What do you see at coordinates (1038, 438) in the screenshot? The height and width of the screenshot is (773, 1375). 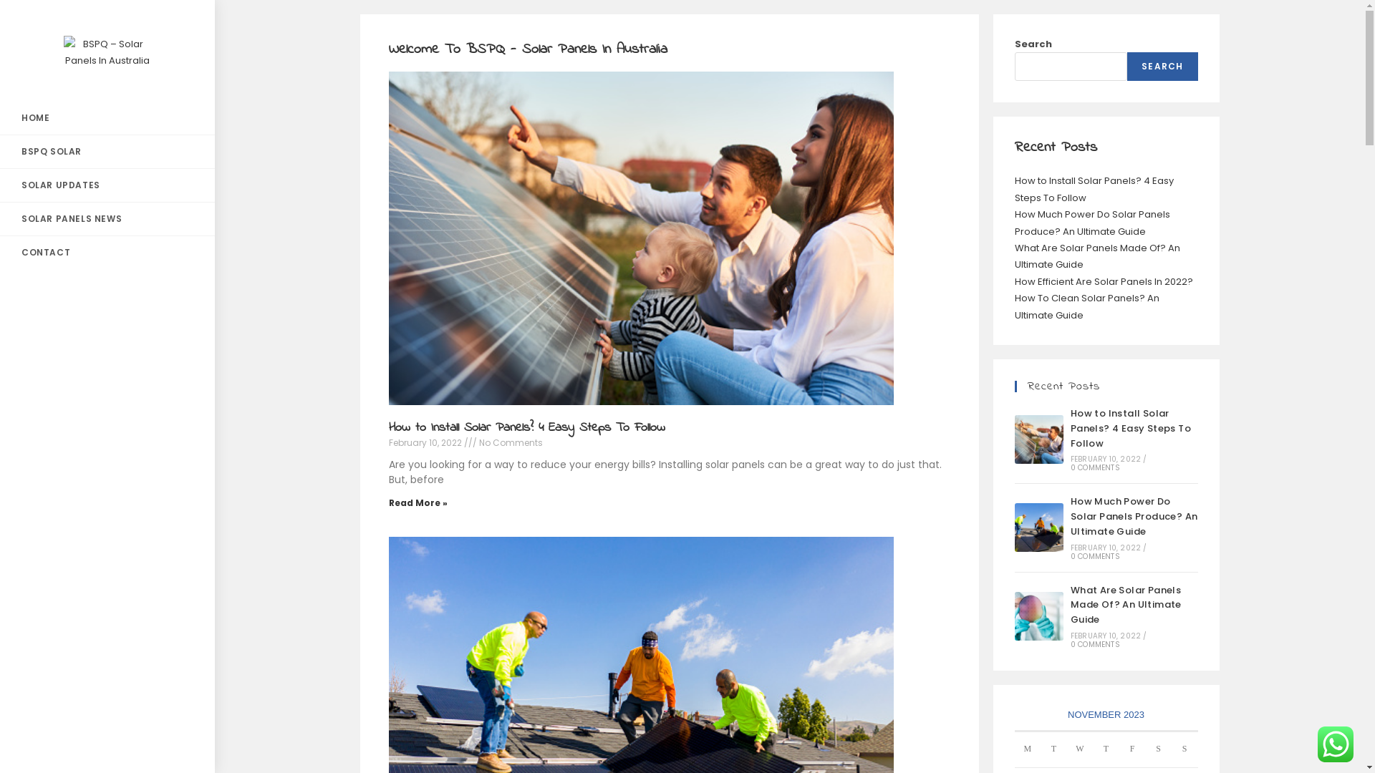 I see `'How to Install Solar Panels? 4 Easy Steps To Follow'` at bounding box center [1038, 438].